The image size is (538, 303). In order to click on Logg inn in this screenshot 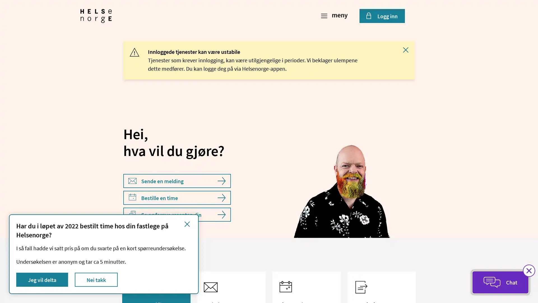, I will do `click(382, 16)`.